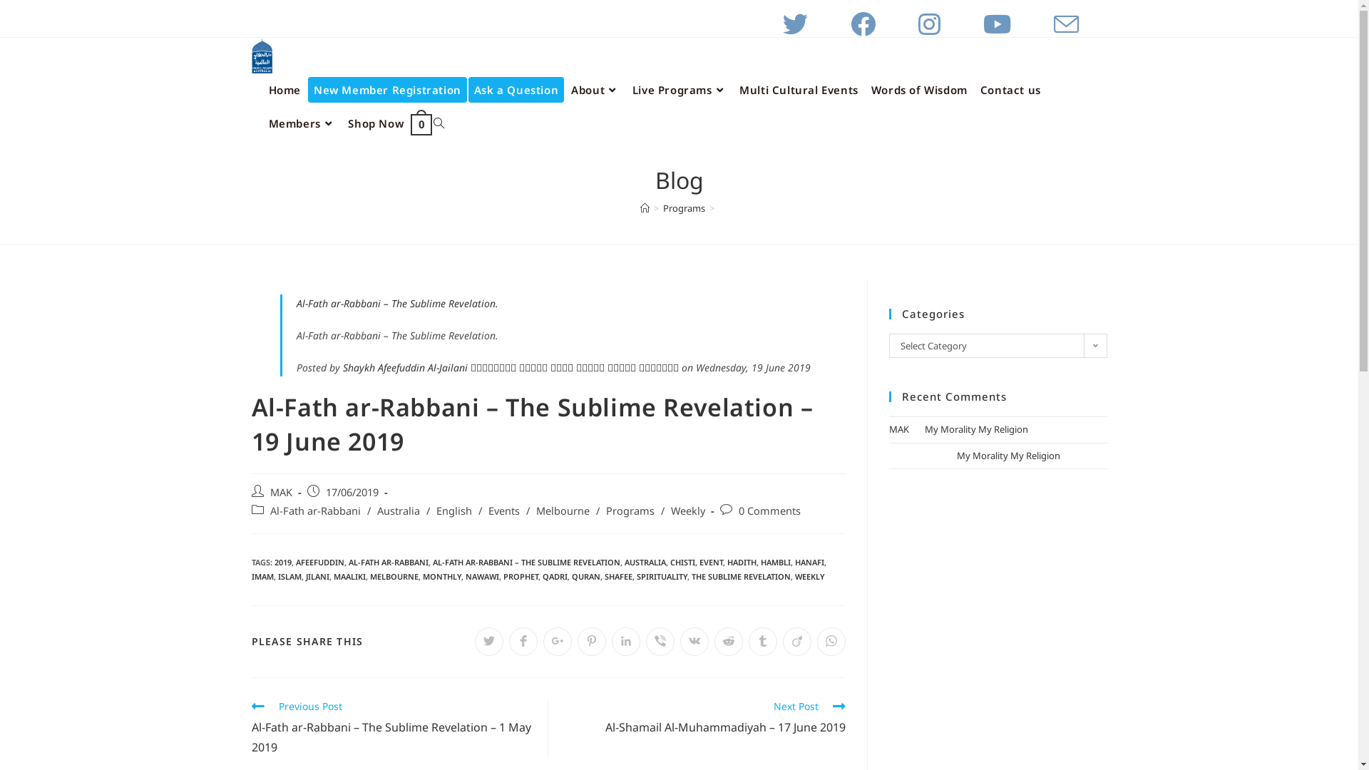 The width and height of the screenshot is (1369, 770). What do you see at coordinates (304, 575) in the screenshot?
I see `'JILANI'` at bounding box center [304, 575].